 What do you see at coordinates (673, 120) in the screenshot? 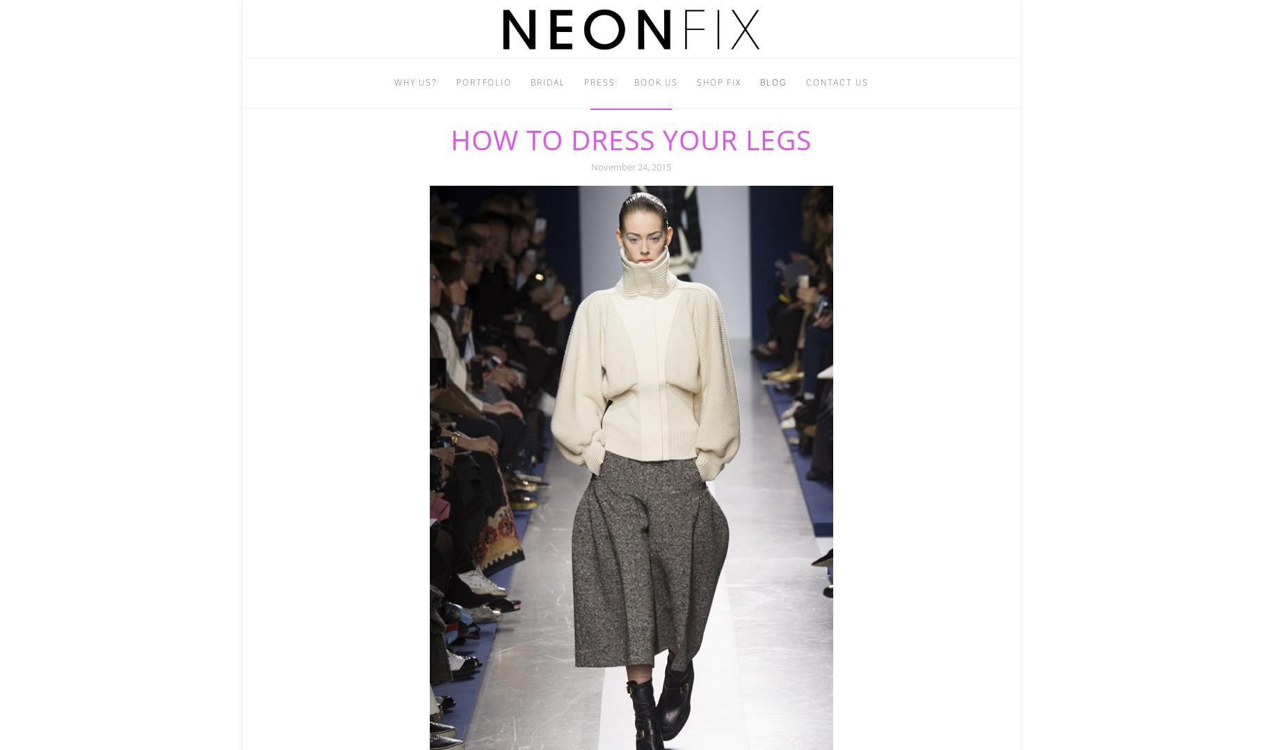
I see `'646-450-5844'` at bounding box center [673, 120].